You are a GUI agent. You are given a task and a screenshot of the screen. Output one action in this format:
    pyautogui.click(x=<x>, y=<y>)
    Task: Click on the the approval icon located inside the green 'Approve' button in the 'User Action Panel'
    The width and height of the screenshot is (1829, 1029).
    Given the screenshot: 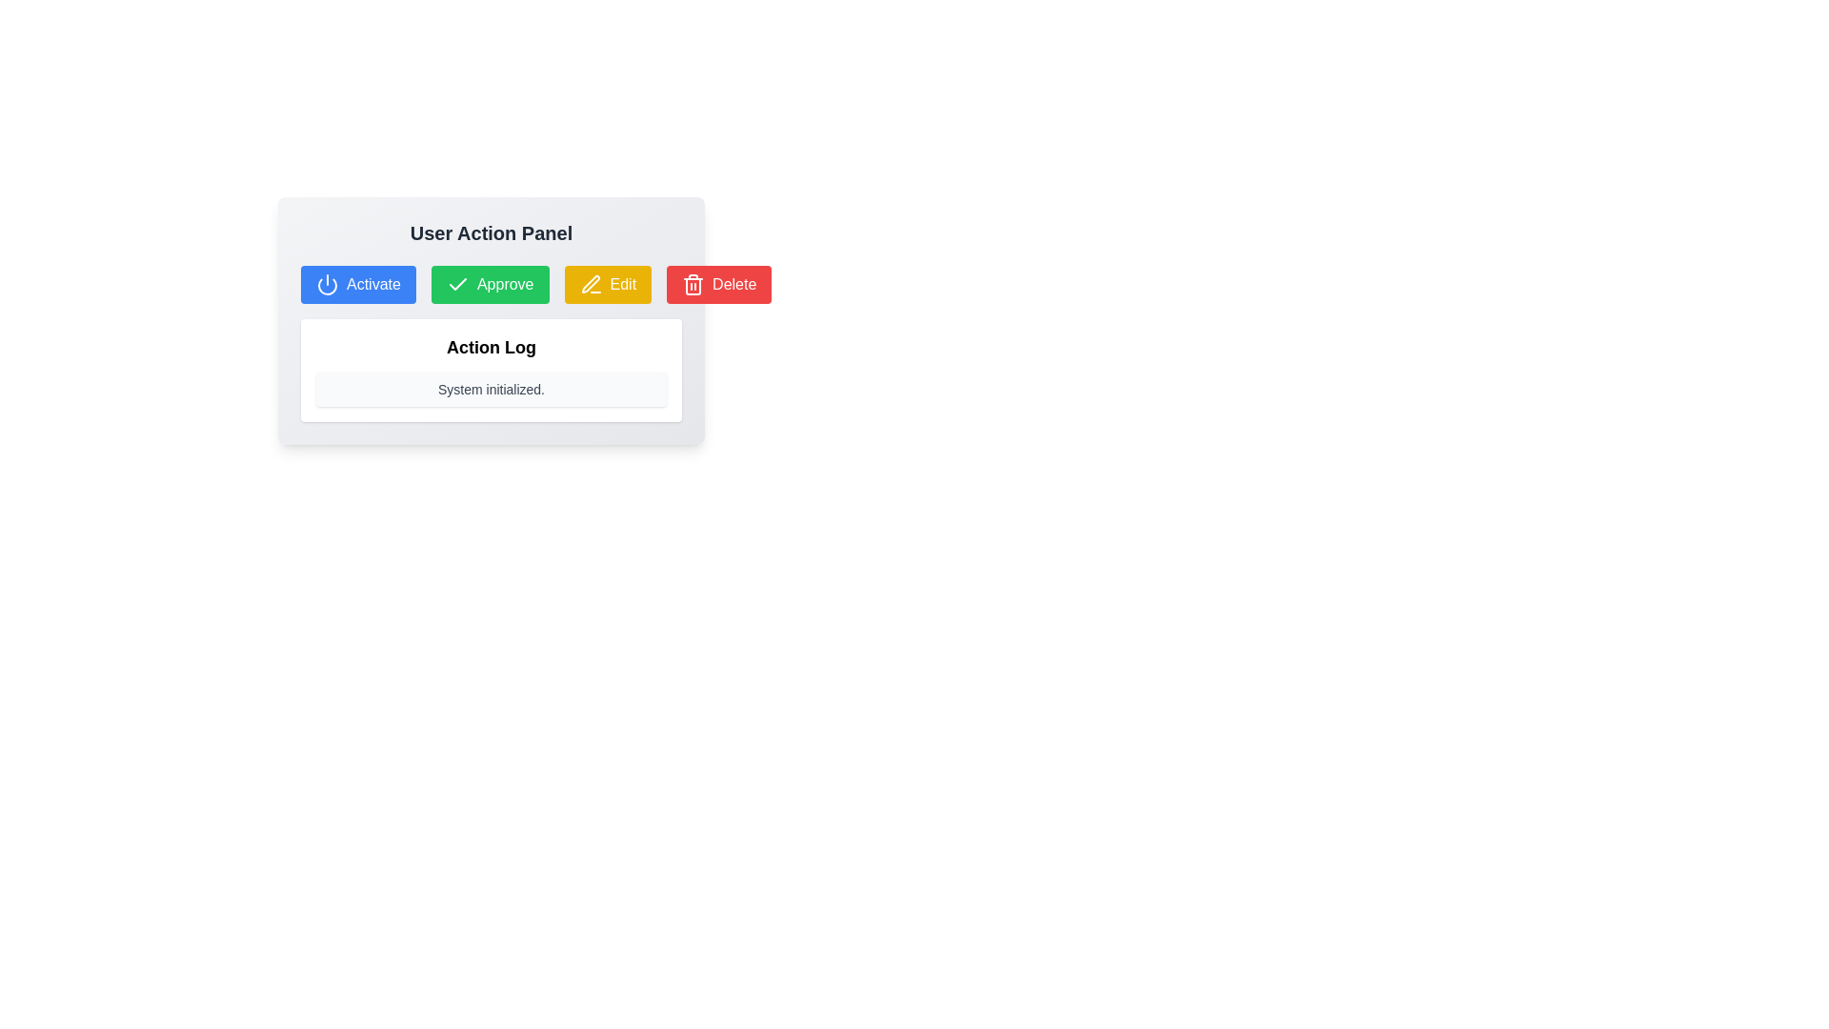 What is the action you would take?
    pyautogui.click(x=457, y=285)
    